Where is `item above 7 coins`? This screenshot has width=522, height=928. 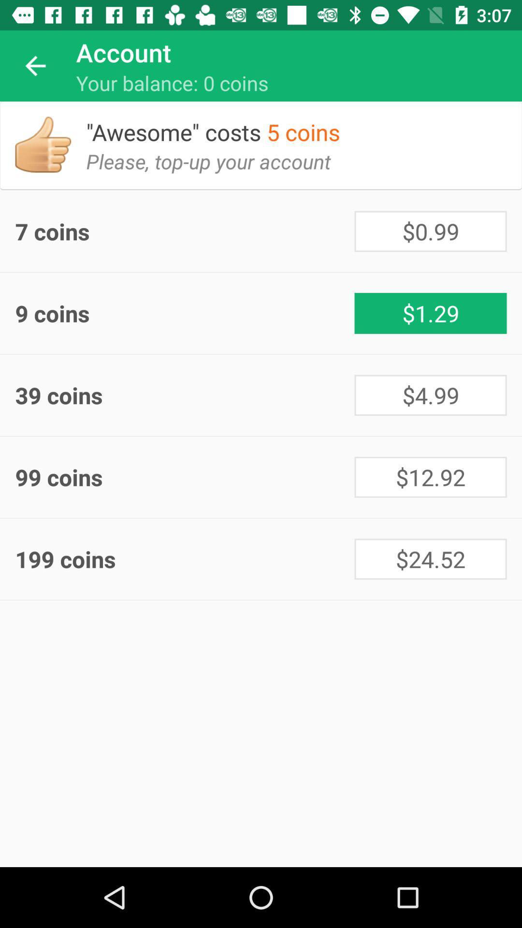
item above 7 coins is located at coordinates (43, 144).